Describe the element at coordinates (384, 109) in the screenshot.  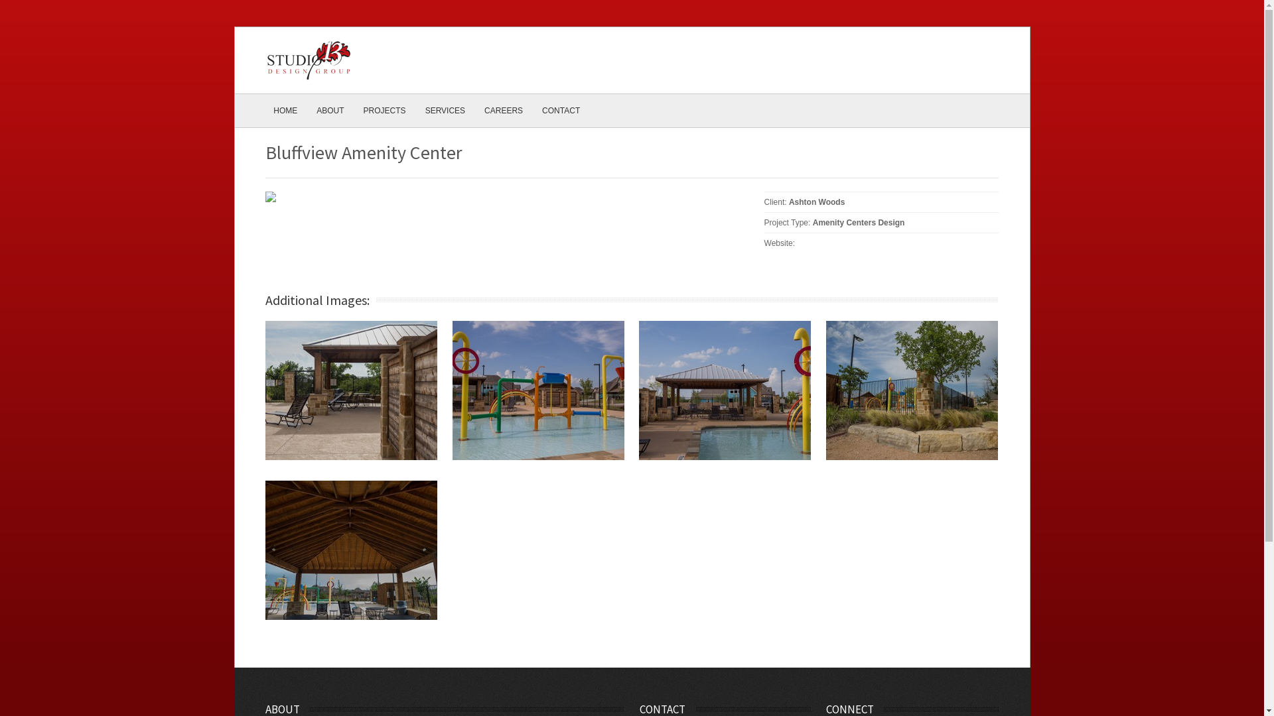
I see `'PROJECTS'` at that location.